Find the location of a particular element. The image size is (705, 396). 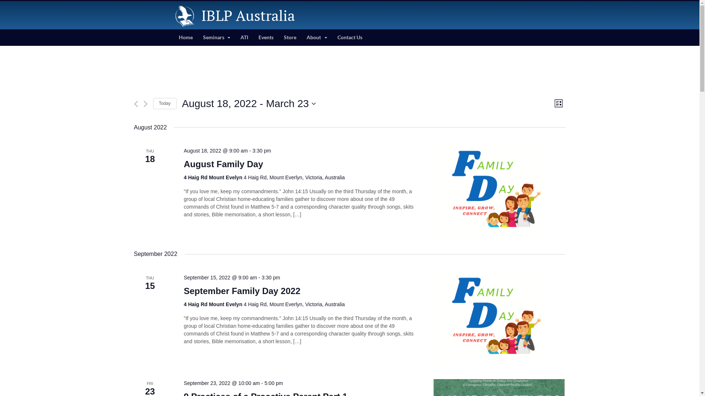

'Contact Us' is located at coordinates (350, 37).